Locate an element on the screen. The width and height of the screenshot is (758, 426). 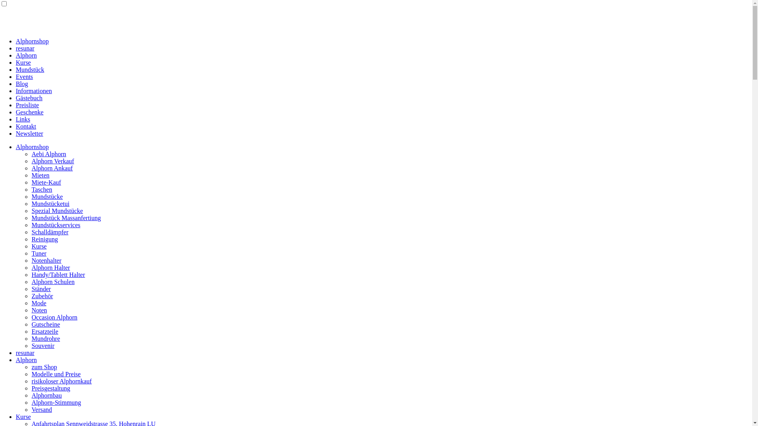
'Notenhalter' is located at coordinates (46, 260).